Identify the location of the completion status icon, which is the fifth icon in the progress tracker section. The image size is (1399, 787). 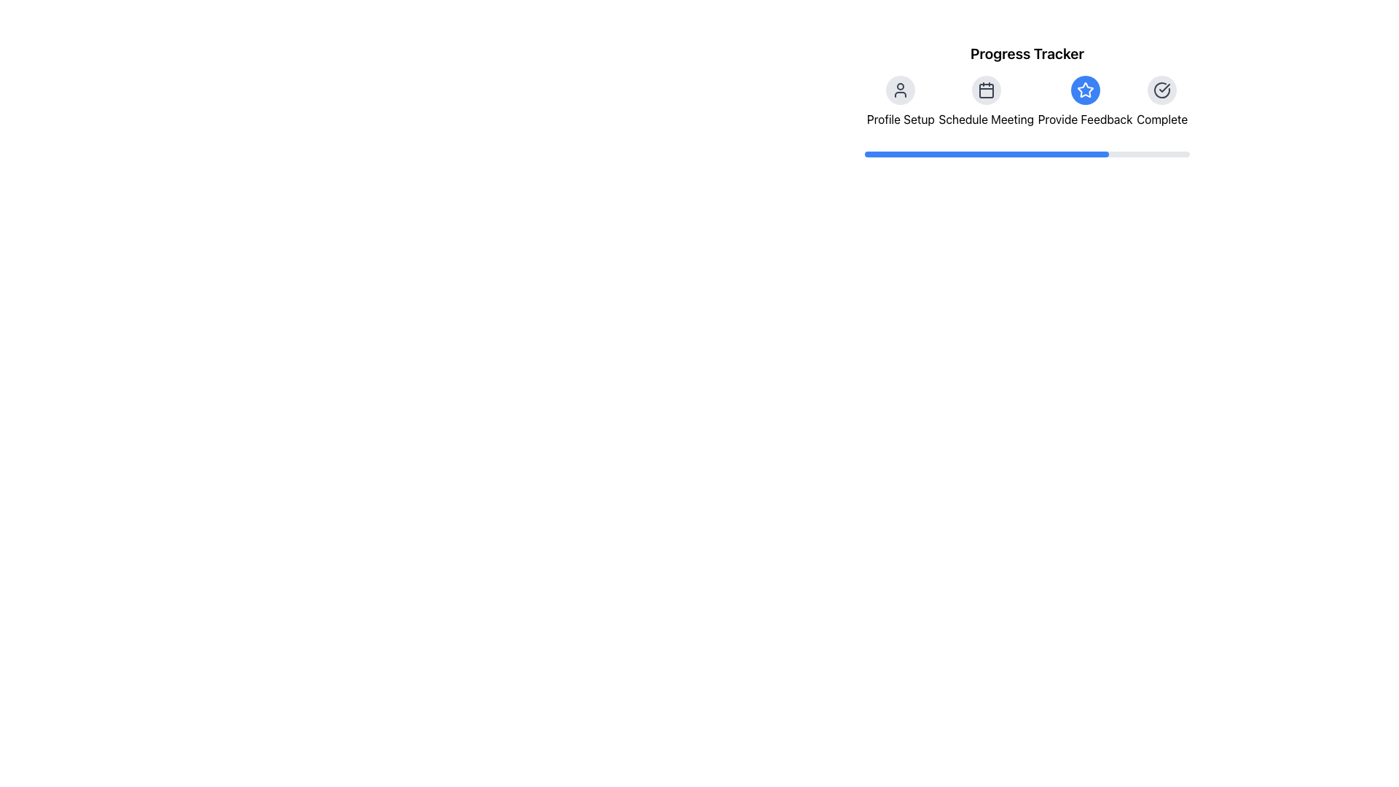
(1161, 90).